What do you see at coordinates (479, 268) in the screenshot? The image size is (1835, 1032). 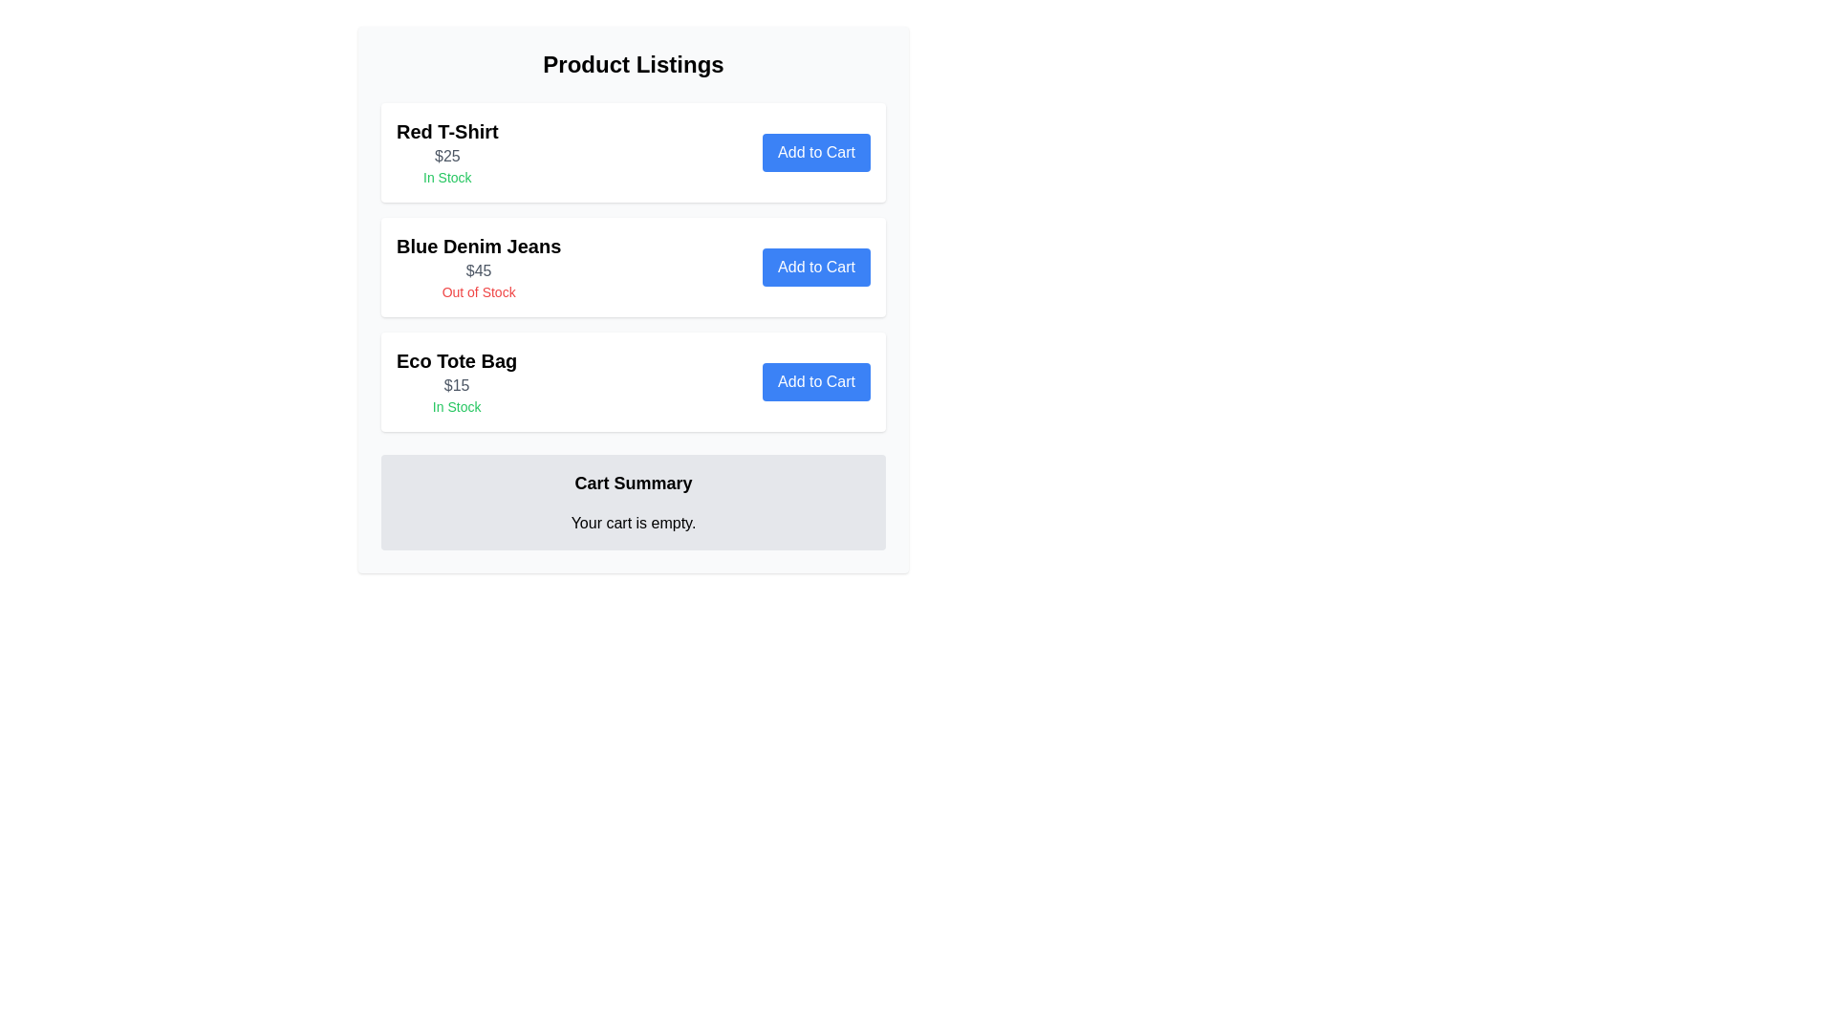 I see `the vertically stacked text block containing 'Blue Denim Jeans', '$45', and 'Out of Stock', which is the second product tile in the list` at bounding box center [479, 268].